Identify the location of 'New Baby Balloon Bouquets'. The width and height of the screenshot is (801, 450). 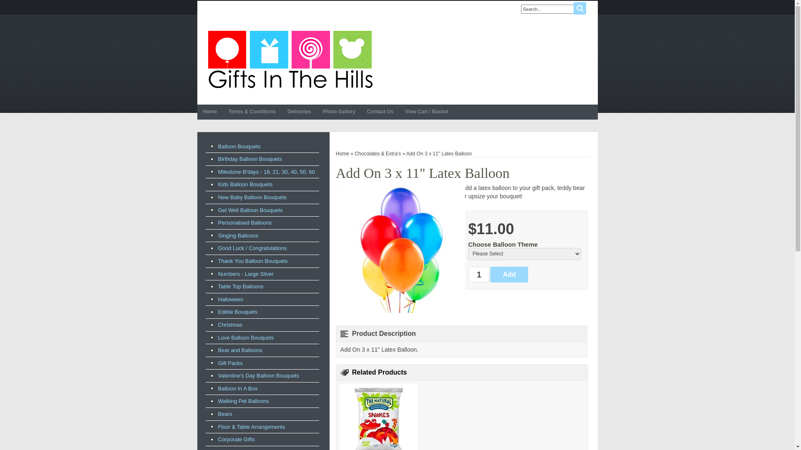
(262, 197).